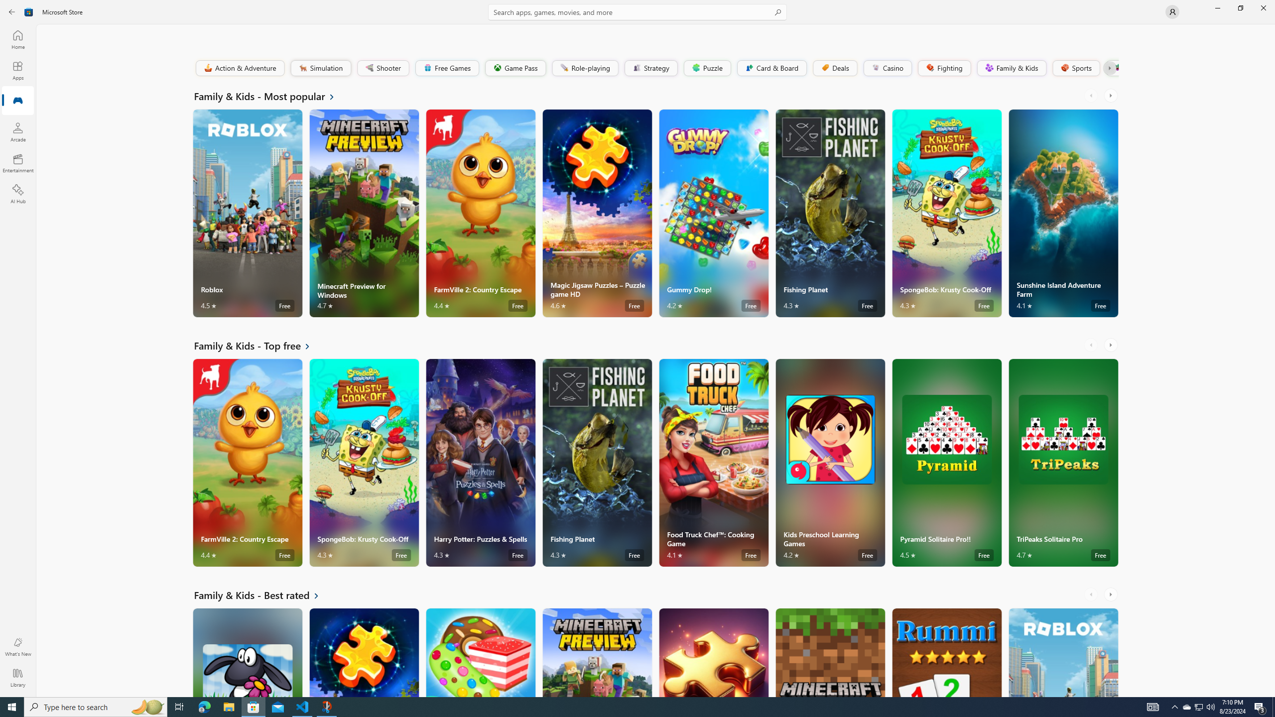 The height and width of the screenshot is (717, 1275). What do you see at coordinates (515, 67) in the screenshot?
I see `'Game Pass'` at bounding box center [515, 67].